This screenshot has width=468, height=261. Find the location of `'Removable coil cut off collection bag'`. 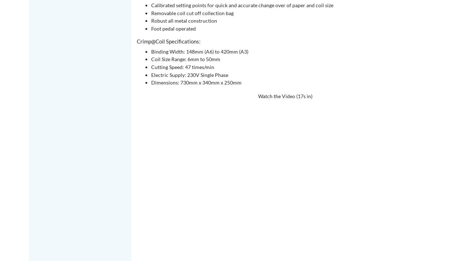

'Removable coil cut off collection bag' is located at coordinates (151, 13).